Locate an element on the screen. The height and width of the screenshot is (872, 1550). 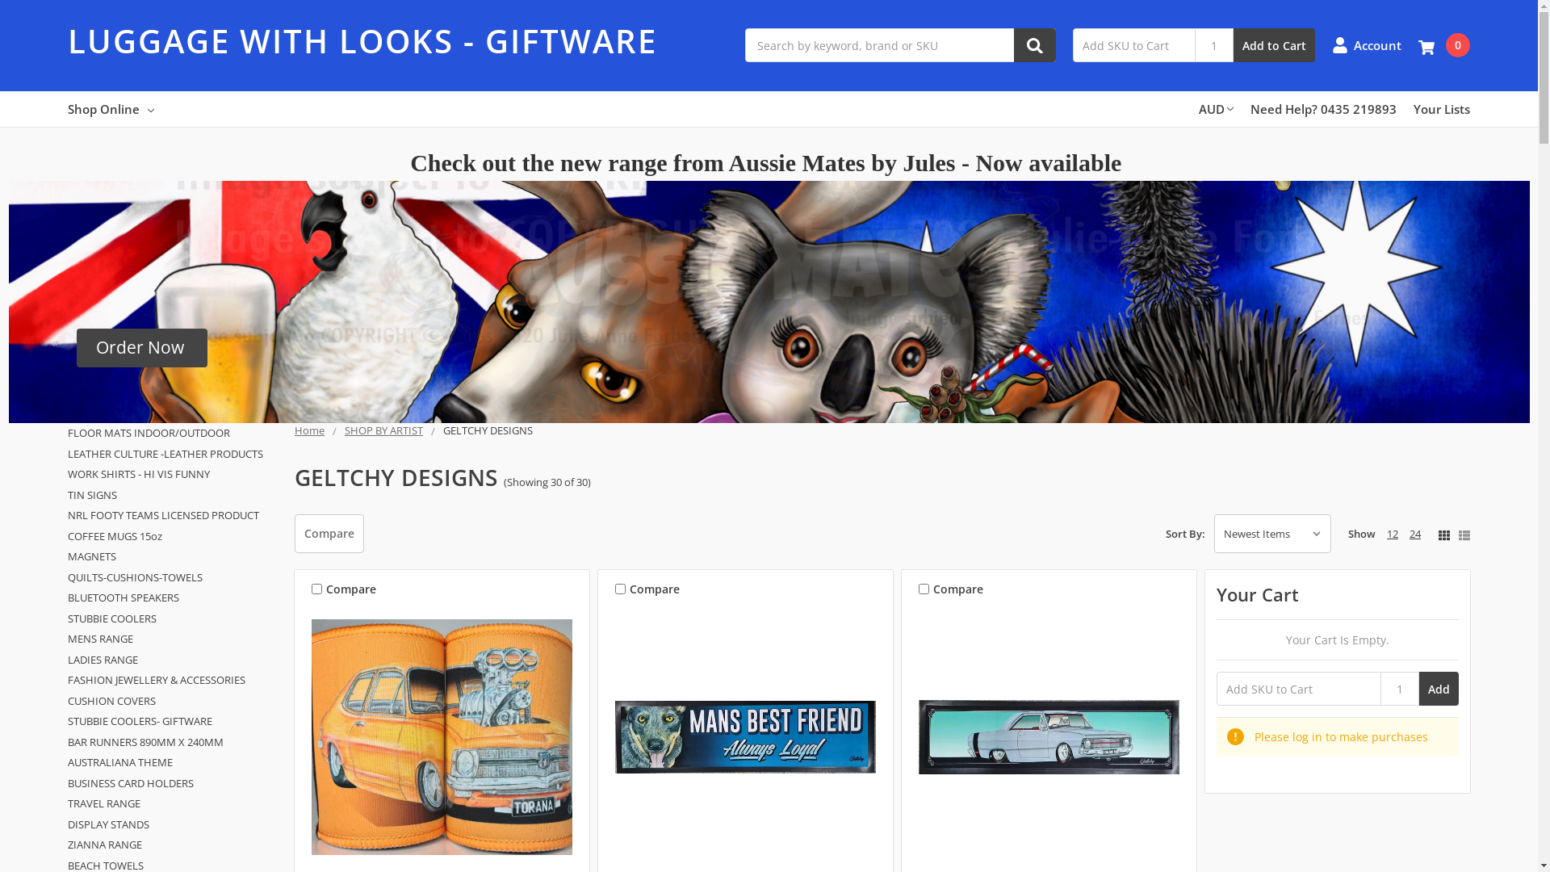
'STUBBIE COOLERS- GIFTWARE' is located at coordinates (172, 721).